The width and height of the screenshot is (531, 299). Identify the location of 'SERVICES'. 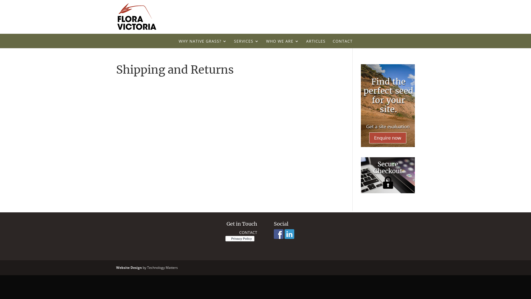
(246, 43).